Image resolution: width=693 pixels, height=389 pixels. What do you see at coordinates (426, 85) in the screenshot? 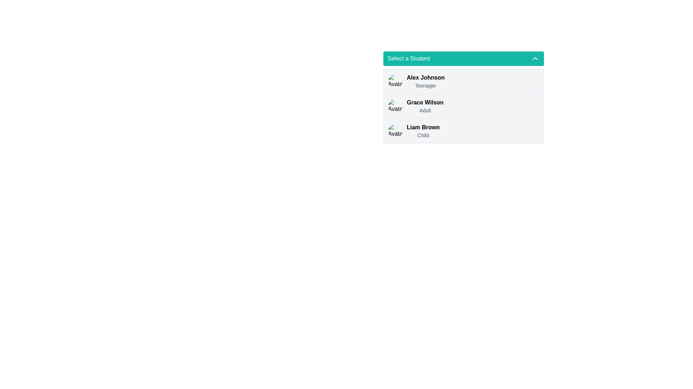
I see `the text label displaying 'Teenager', which is located directly beneath 'Alex Johnson' in the dropdown list of selectable students` at bounding box center [426, 85].